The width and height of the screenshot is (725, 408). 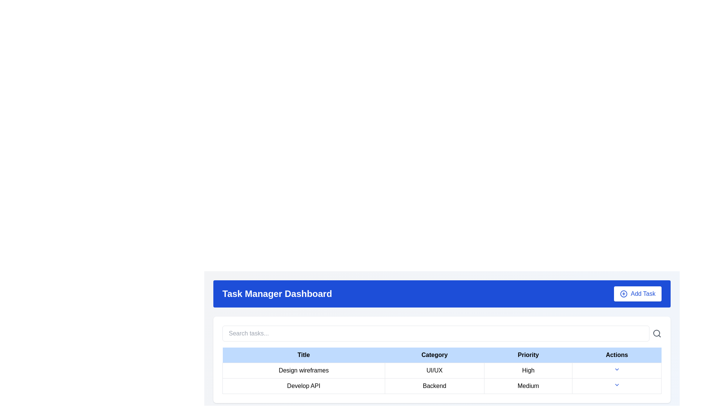 I want to click on the 'Title' column header cell in the table to trigger additional styling effects, so click(x=304, y=355).